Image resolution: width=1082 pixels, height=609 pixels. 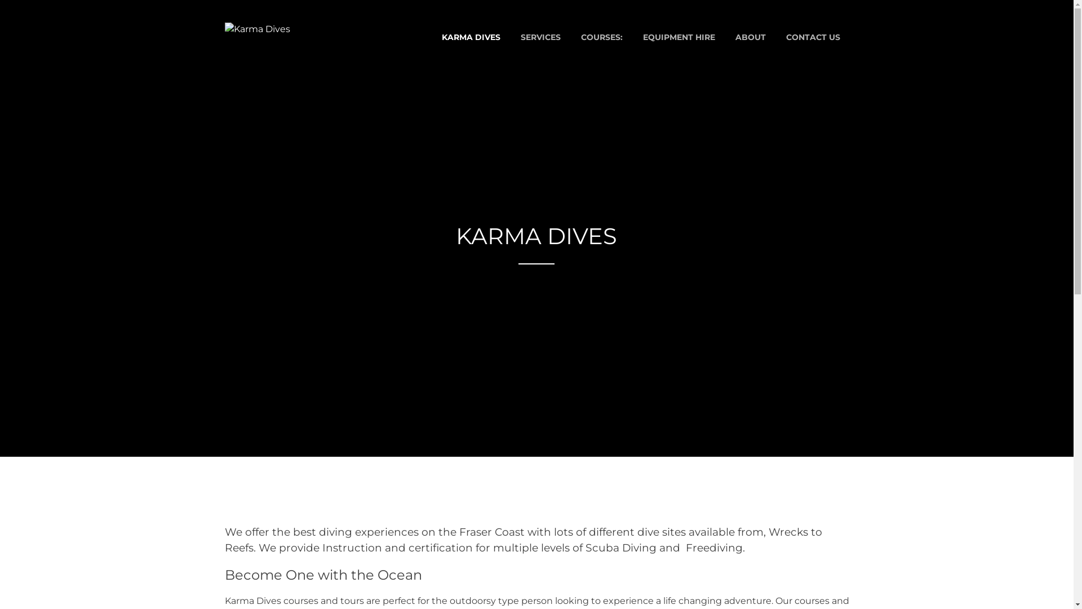 I want to click on 'SERVICES', so click(x=540, y=37).